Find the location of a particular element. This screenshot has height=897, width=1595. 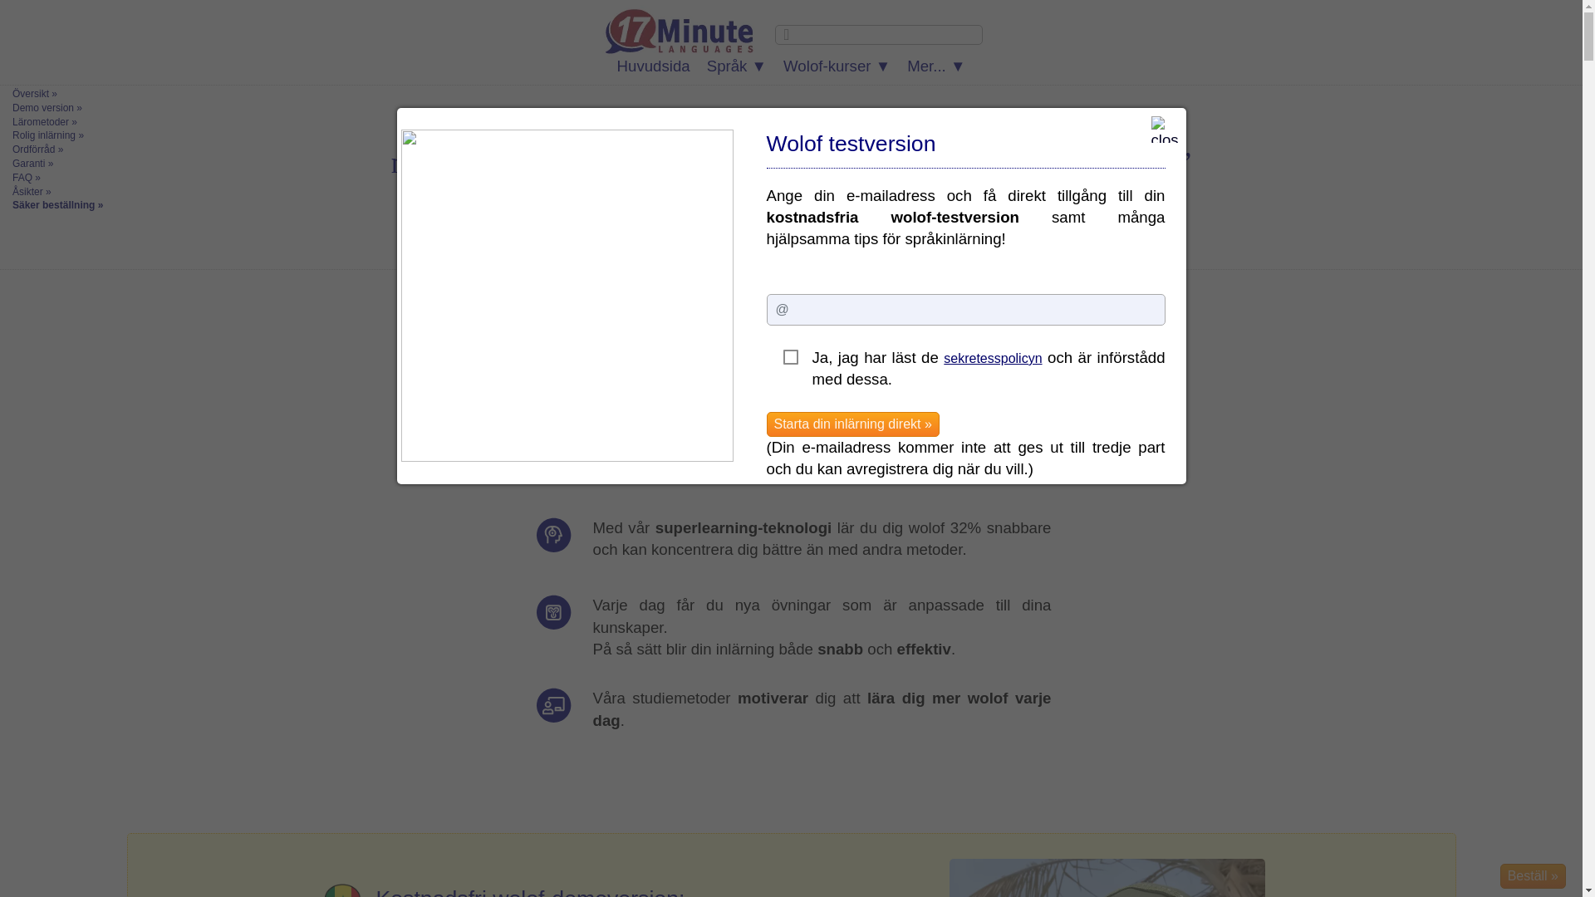

'Wolof-kurser' is located at coordinates (837, 66).